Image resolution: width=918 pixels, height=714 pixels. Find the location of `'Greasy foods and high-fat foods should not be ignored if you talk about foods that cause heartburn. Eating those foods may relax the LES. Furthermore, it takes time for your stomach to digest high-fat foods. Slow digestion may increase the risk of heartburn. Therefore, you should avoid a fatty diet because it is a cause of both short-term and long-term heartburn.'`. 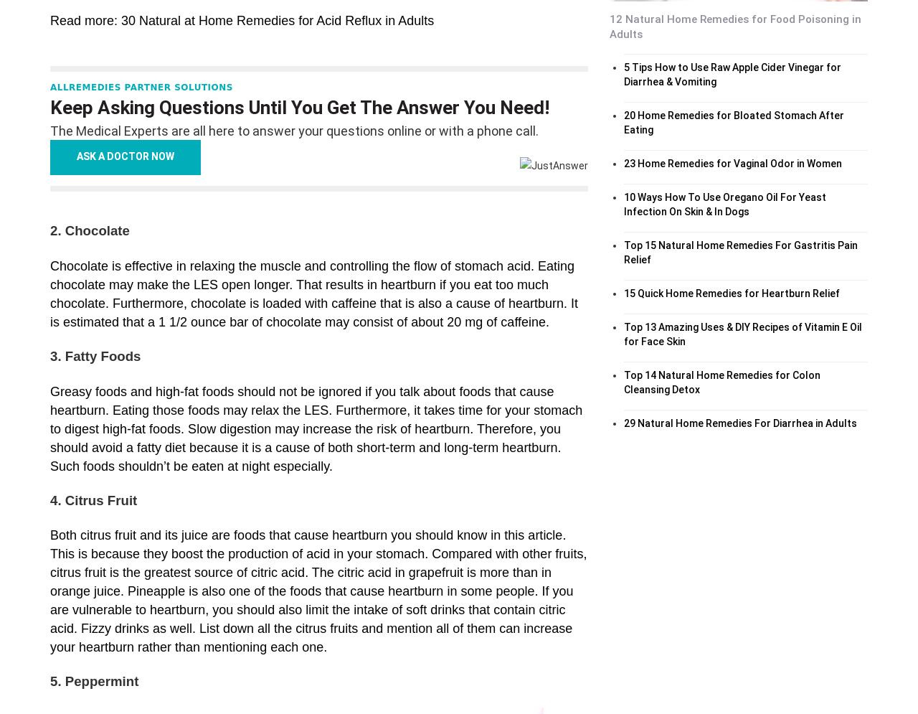

'Greasy foods and high-fat foods should not be ignored if you talk about foods that cause heartburn. Eating those foods may relax the LES. Furthermore, it takes time for your stomach to digest high-fat foods. Slow digestion may increase the risk of heartburn. Therefore, you should avoid a fatty diet because it is a cause of both short-term and long-term heartburn.' is located at coordinates (315, 418).